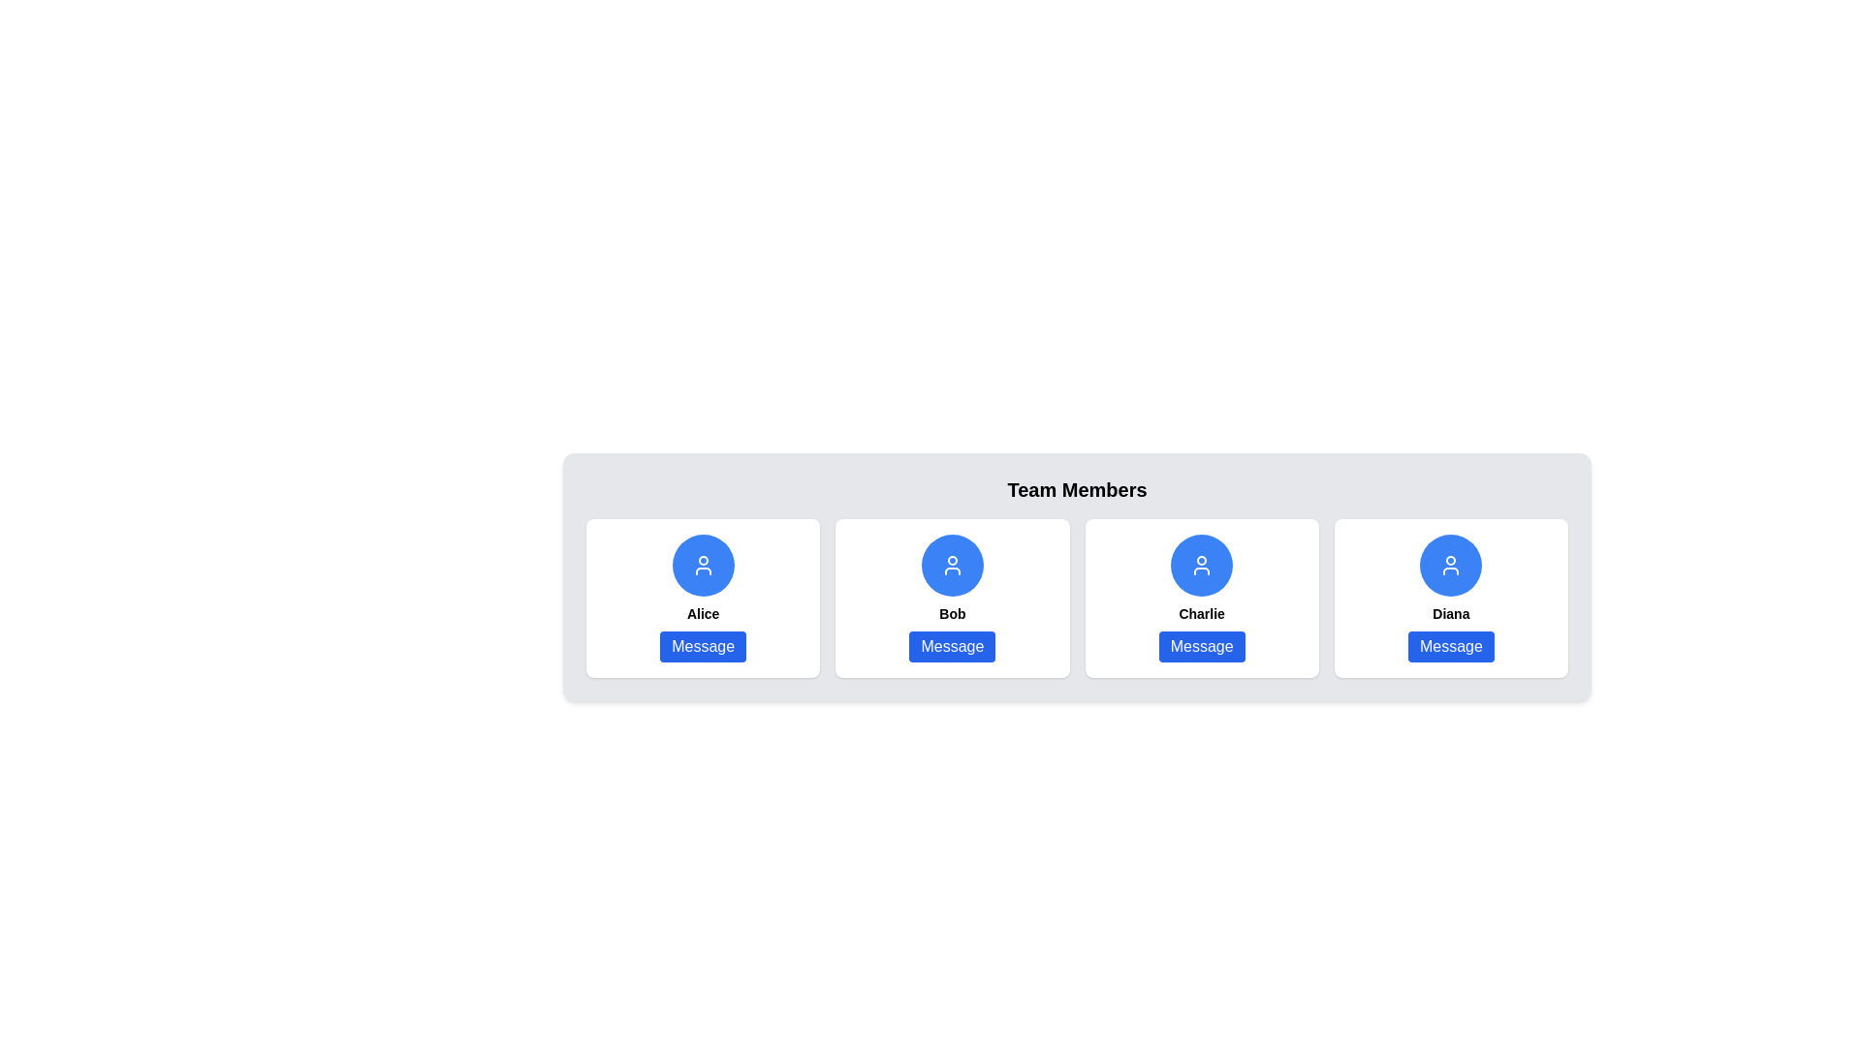 The image size is (1861, 1046). Describe the element at coordinates (1451, 565) in the screenshot. I see `the SVG Image representing the user named 'Diana', which is located in the rightmost card of the 'Team Members' section` at that location.